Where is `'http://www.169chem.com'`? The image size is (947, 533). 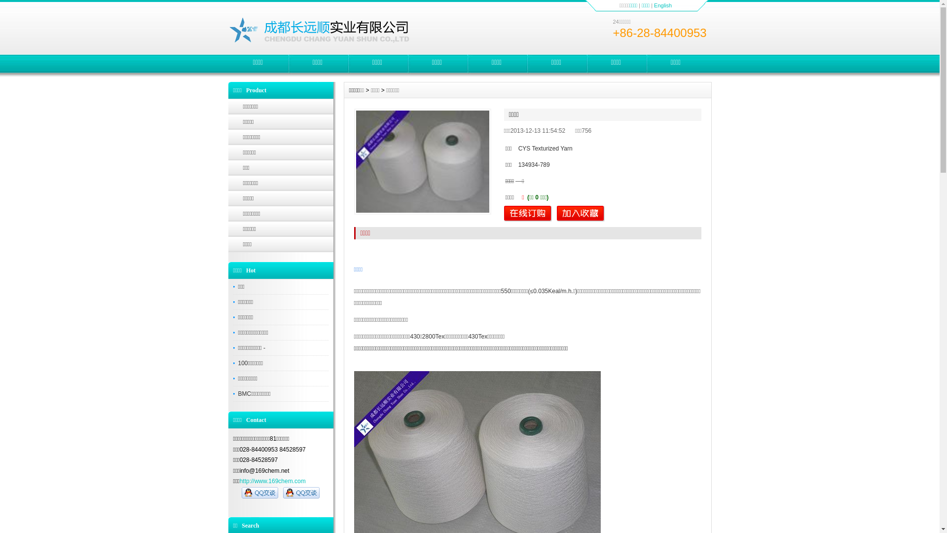 'http://www.169chem.com' is located at coordinates (272, 481).